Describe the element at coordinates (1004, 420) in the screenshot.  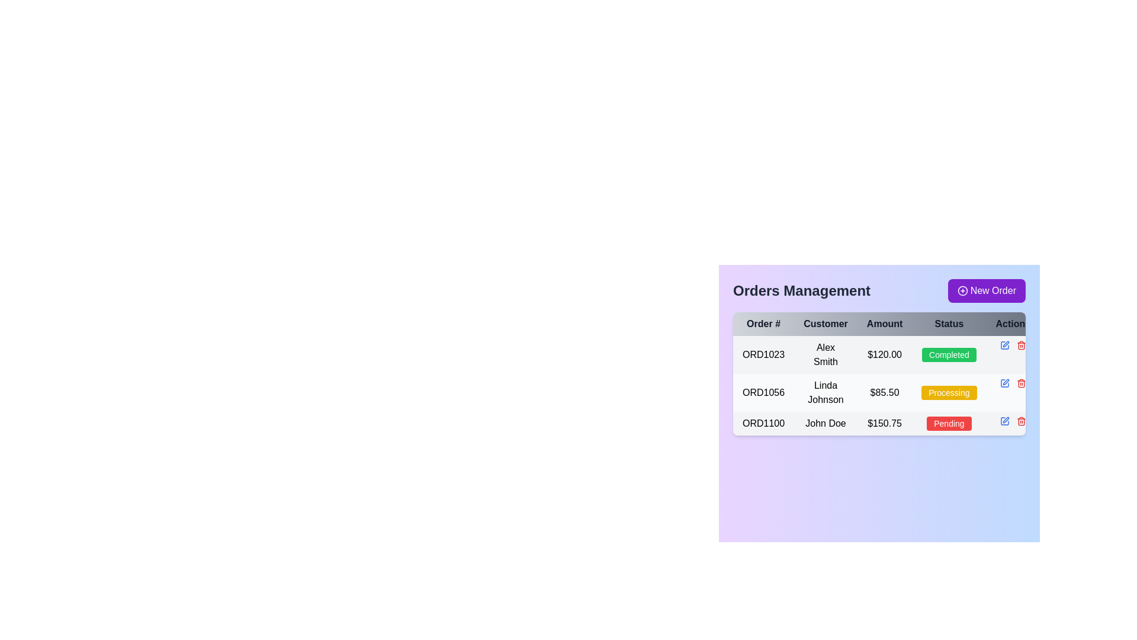
I see `the blue edit icon button in the 'Action' column of the third row in the 'Orders Management' data table` at that location.